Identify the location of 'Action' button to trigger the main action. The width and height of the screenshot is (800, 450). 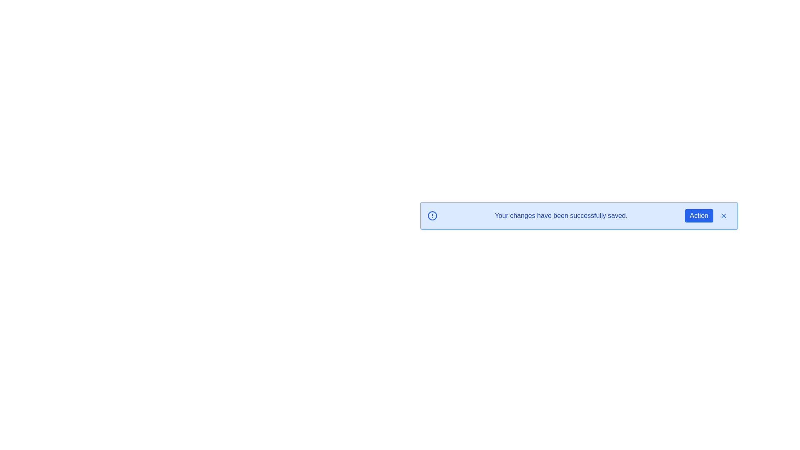
(699, 215).